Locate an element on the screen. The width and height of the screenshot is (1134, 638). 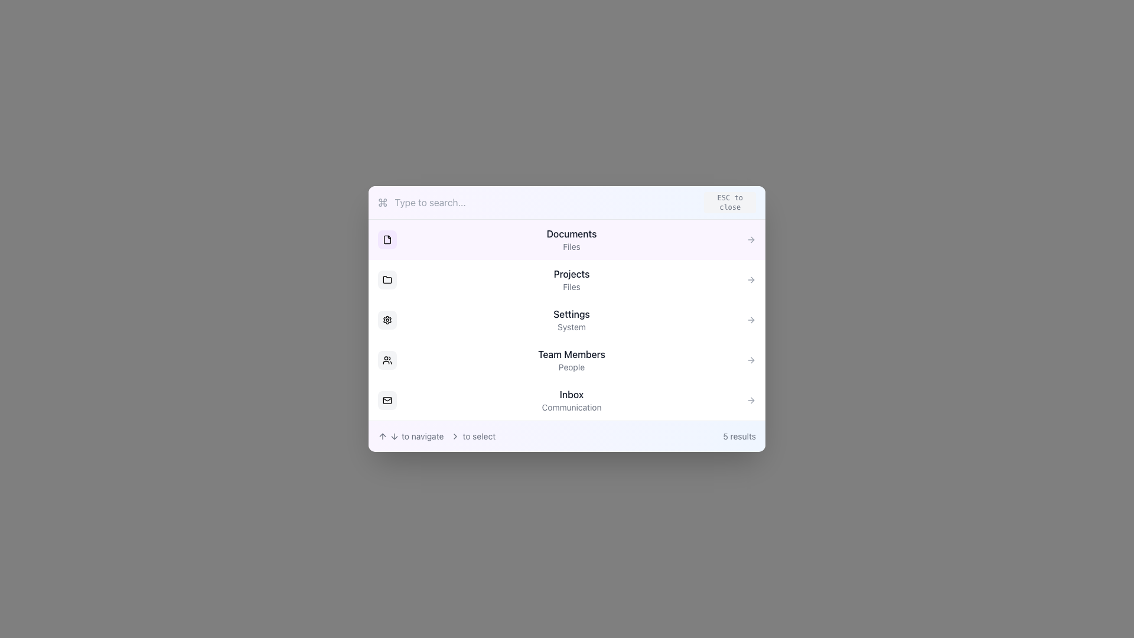
the text label 'Projects' that serves as a subheading for the 'Files' option, located below and centered with the 'Projects' heading is located at coordinates (572, 287).